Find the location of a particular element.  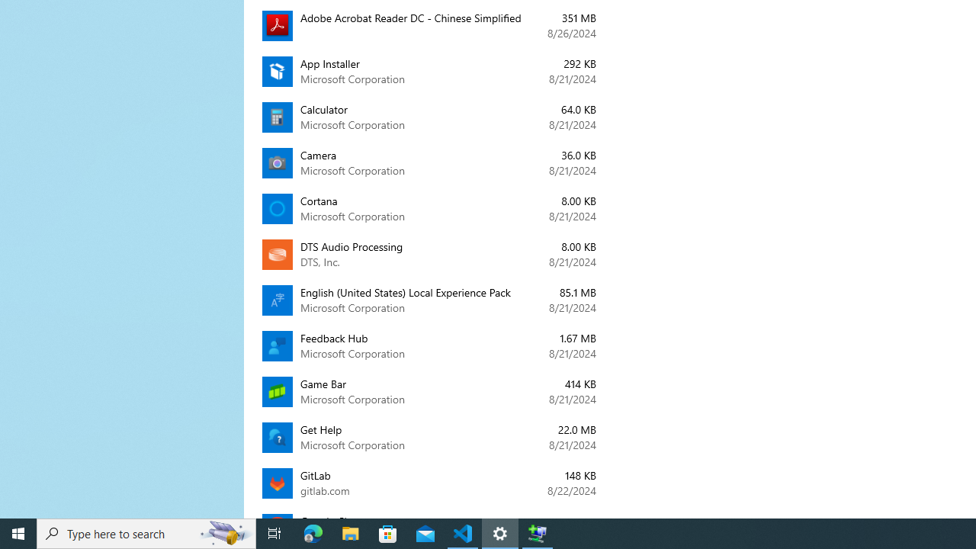

'Microsoft Edge' is located at coordinates (313, 532).